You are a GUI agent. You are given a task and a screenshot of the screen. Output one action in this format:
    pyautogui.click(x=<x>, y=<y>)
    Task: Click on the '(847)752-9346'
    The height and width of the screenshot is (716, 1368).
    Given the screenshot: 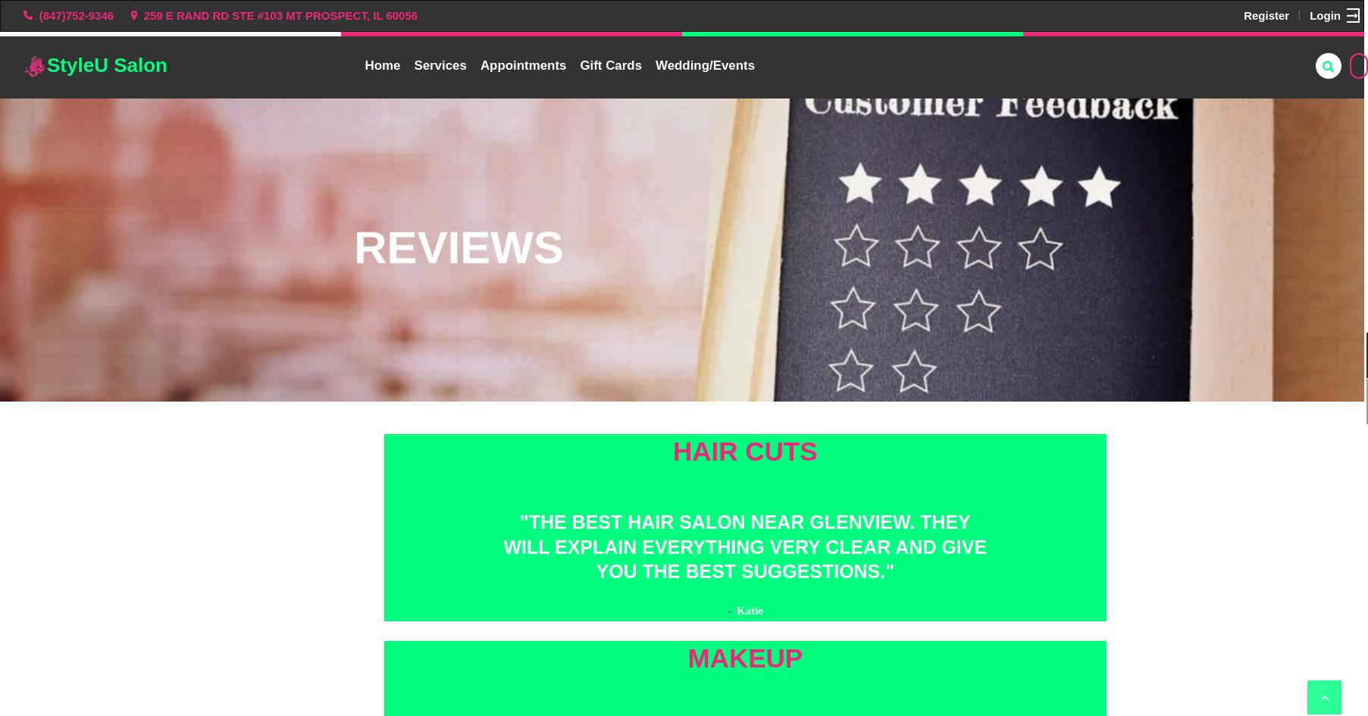 What is the action you would take?
    pyautogui.click(x=76, y=14)
    